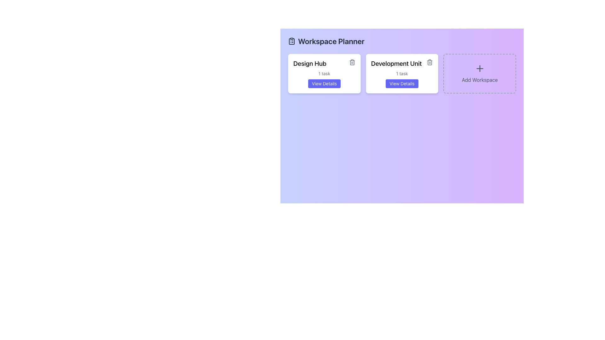 Image resolution: width=605 pixels, height=340 pixels. I want to click on the informational text label displaying the number of tasks for the 'Development Unit', located below the title and above the 'View Details' button, so click(402, 73).